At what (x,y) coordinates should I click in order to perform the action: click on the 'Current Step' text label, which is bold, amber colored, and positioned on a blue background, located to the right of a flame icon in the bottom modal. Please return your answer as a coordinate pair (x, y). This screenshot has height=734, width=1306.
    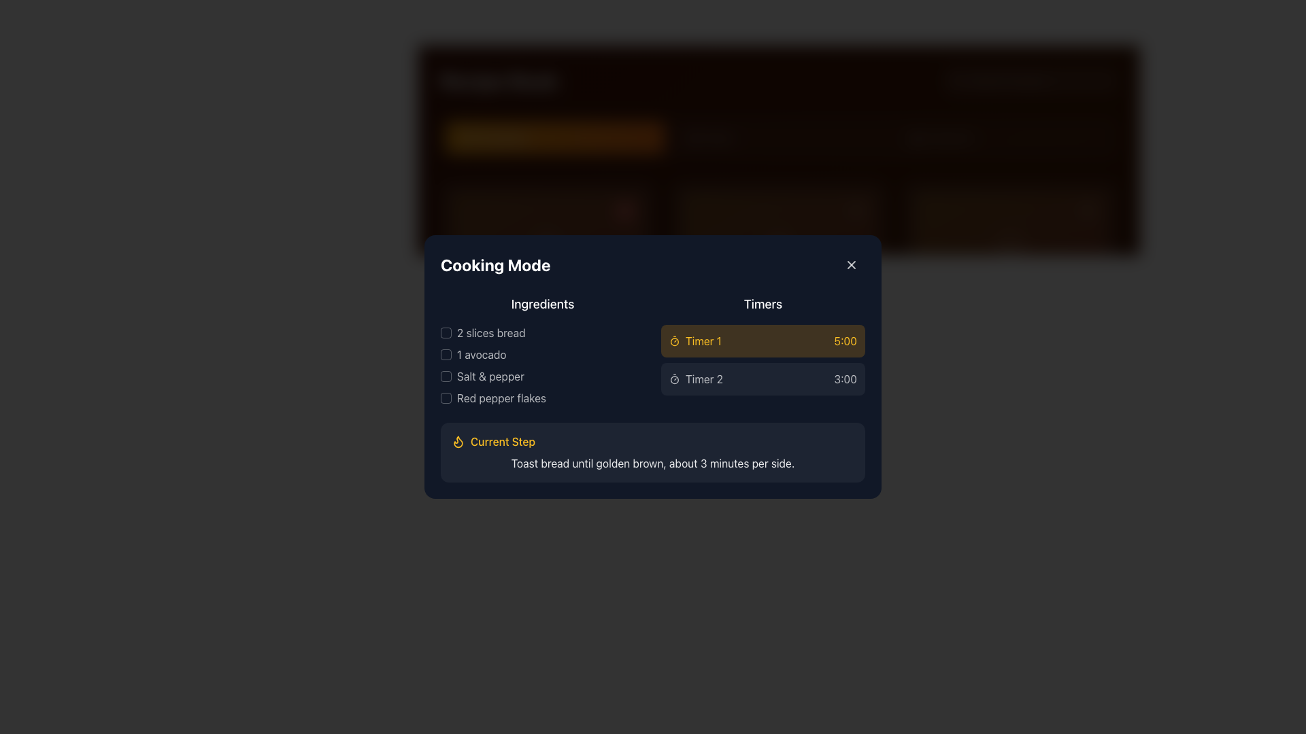
    Looking at the image, I should click on (502, 442).